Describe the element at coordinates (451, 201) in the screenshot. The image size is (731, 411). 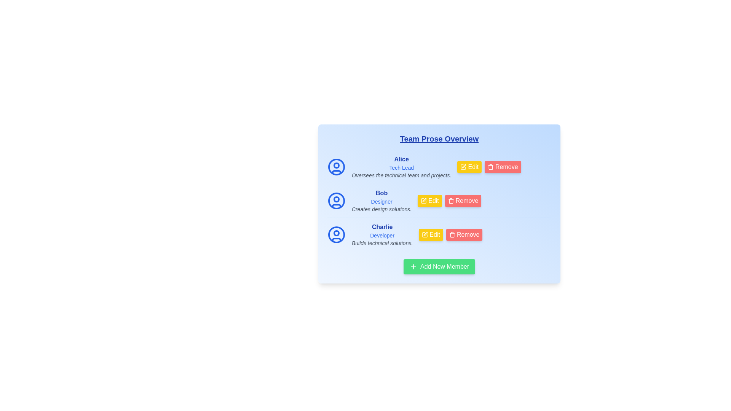
I see `the icon within the 'Remove' button located to the right of the team member 'Bob'` at that location.